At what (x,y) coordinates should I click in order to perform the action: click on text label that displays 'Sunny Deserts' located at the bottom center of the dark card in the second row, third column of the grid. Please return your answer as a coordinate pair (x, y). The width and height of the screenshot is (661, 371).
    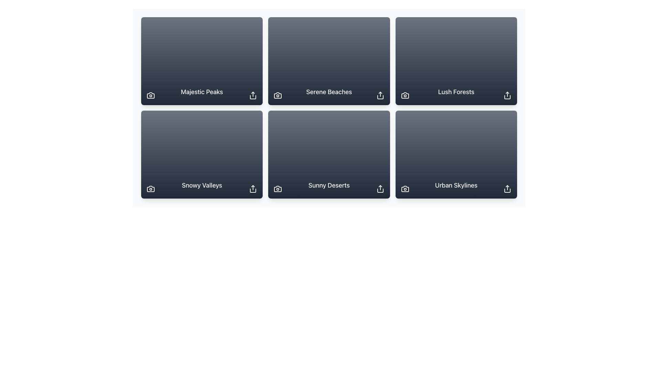
    Looking at the image, I should click on (328, 185).